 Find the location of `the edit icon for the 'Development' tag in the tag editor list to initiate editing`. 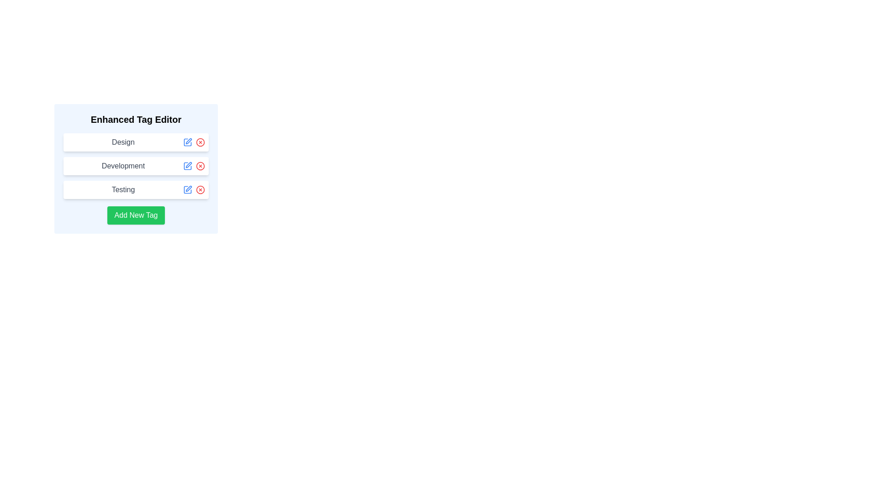

the edit icon for the 'Development' tag in the tag editor list to initiate editing is located at coordinates (188, 165).